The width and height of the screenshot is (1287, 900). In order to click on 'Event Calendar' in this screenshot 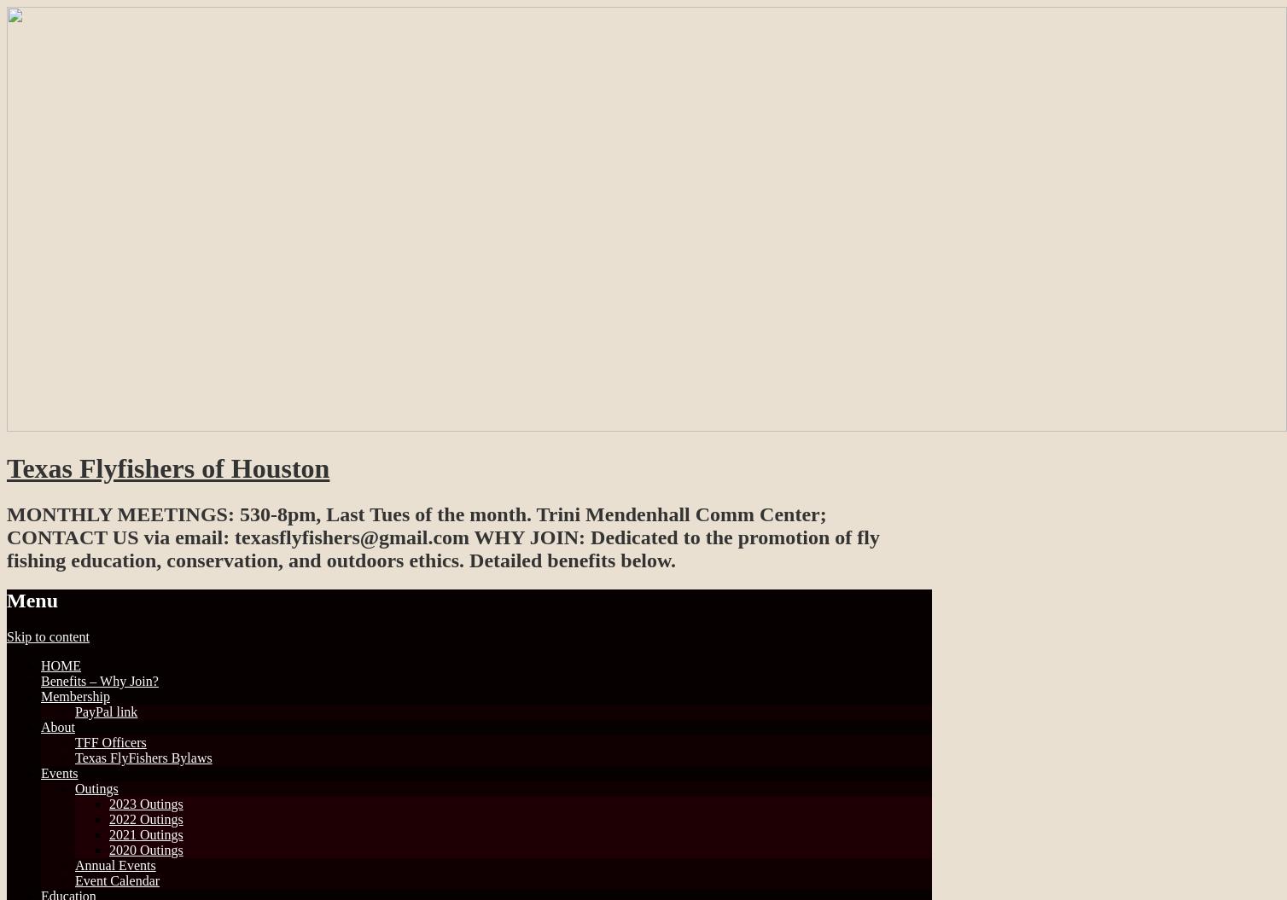, I will do `click(117, 879)`.